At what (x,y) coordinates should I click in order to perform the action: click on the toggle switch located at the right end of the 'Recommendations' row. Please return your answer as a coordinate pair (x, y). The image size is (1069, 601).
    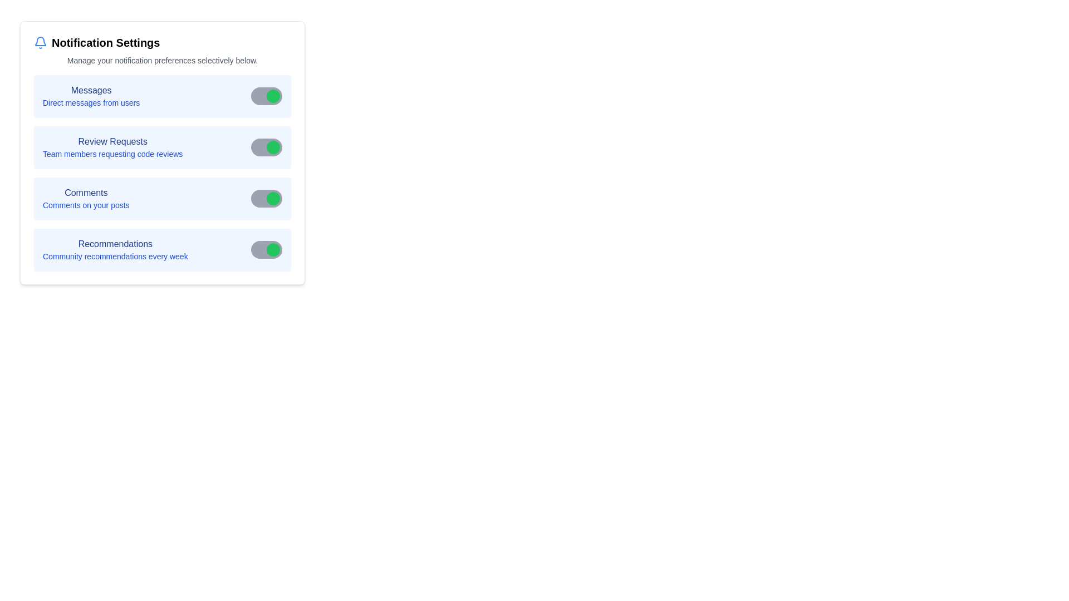
    Looking at the image, I should click on (266, 249).